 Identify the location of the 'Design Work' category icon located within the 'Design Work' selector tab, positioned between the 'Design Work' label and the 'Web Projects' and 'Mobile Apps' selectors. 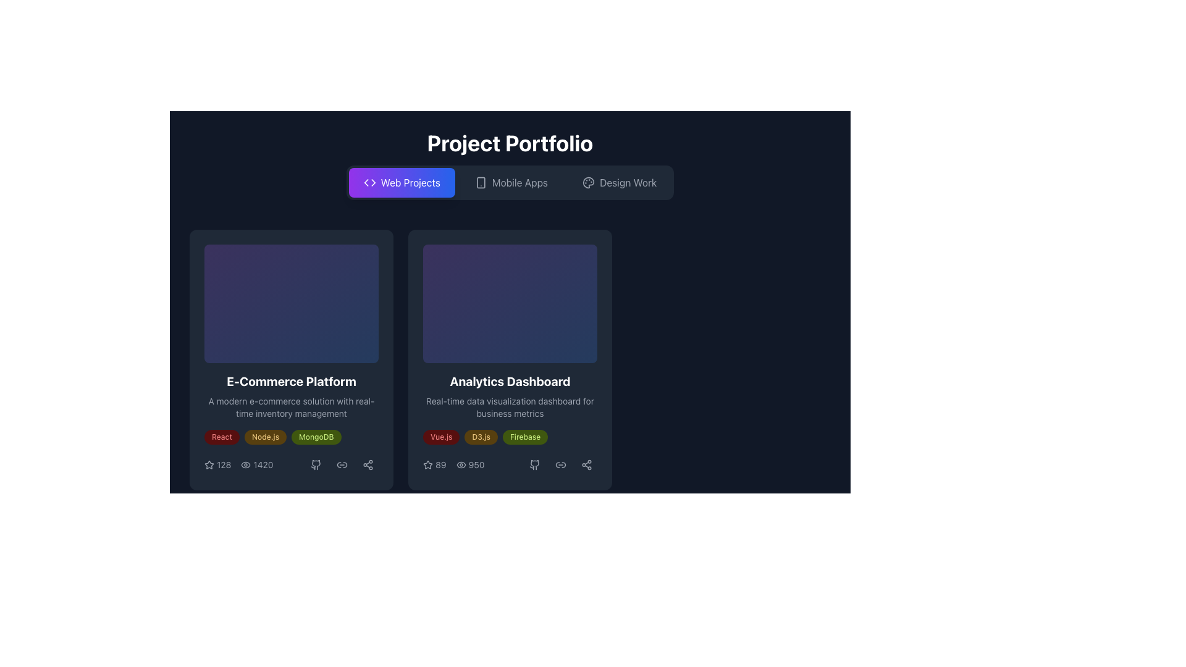
(588, 183).